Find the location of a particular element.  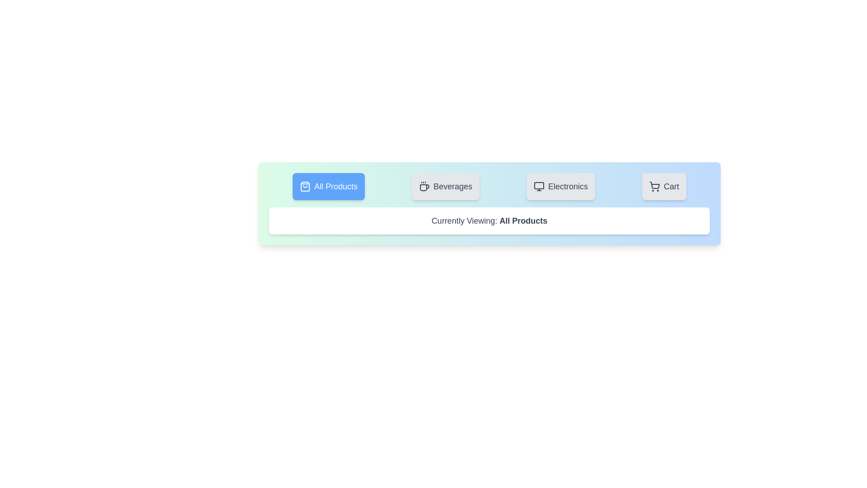

the tab corresponding to Electronics to switch to that product category is located at coordinates (560, 186).